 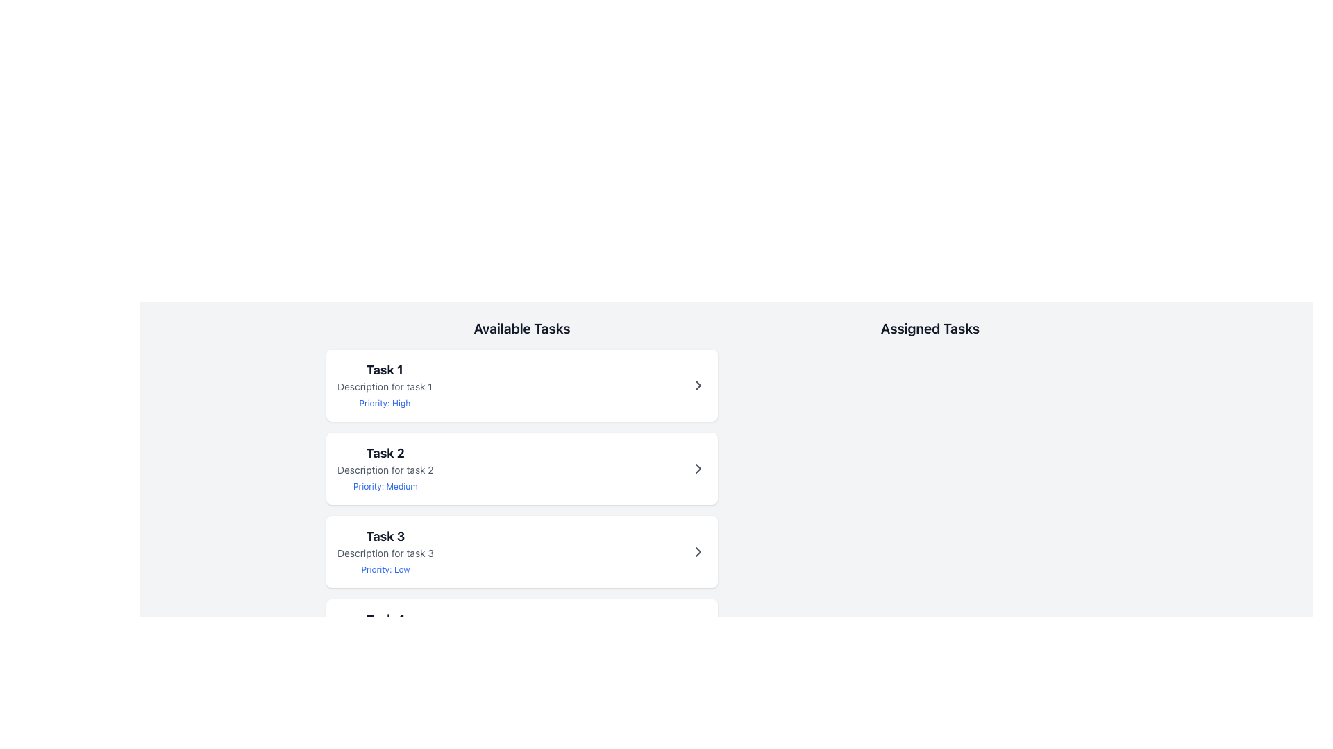 What do you see at coordinates (385, 470) in the screenshot?
I see `the Text Label providing additional information related to 'Task 2', located within the task card beneath the main title and above the priority level text` at bounding box center [385, 470].